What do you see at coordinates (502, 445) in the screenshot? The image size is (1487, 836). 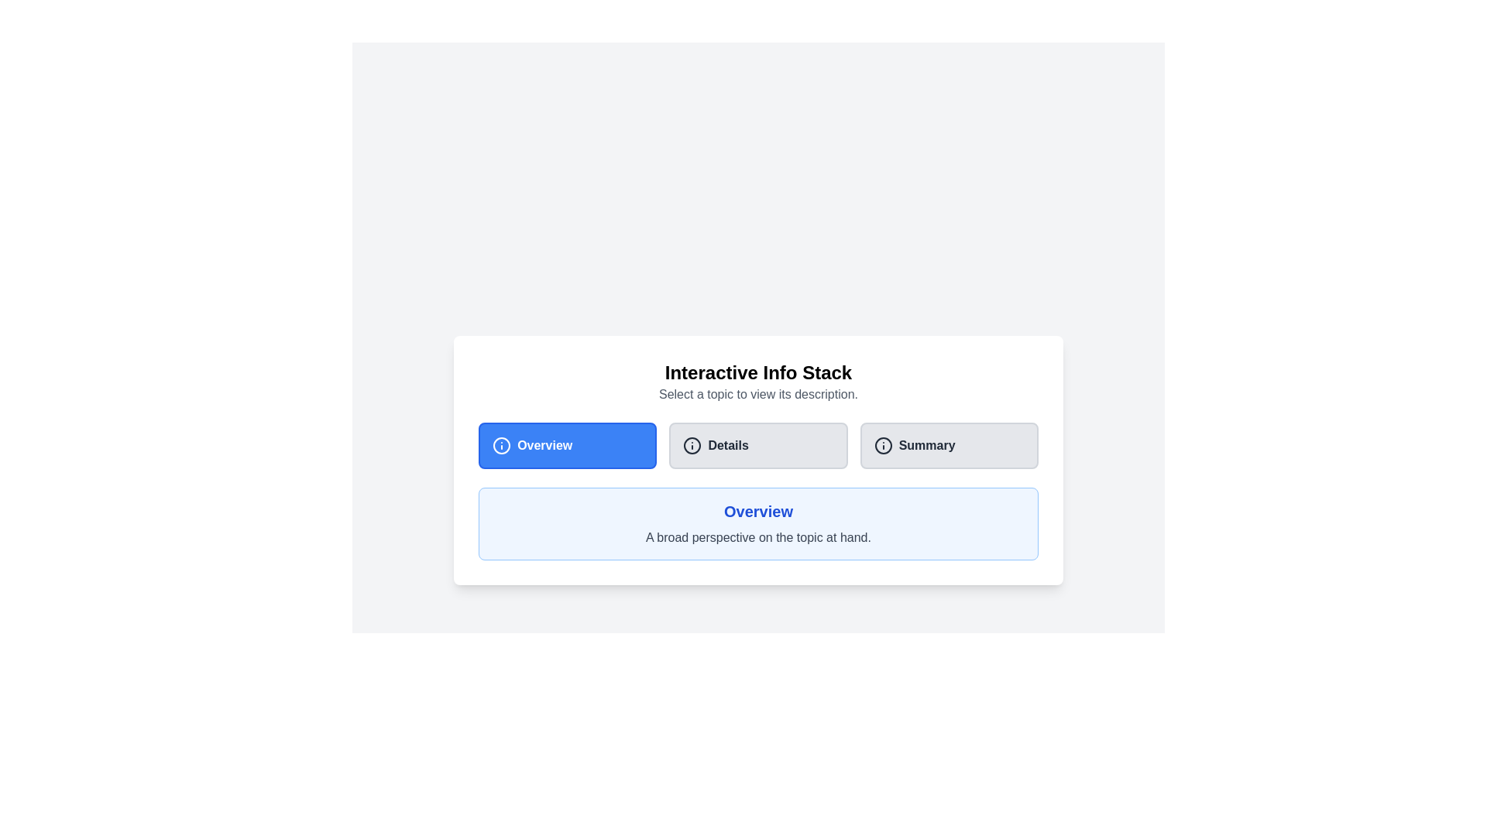 I see `the central circular part of the SVG icon, which has no visible fill or stroke, located to the left of the 'Details' button in the 'Overview' section` at bounding box center [502, 445].